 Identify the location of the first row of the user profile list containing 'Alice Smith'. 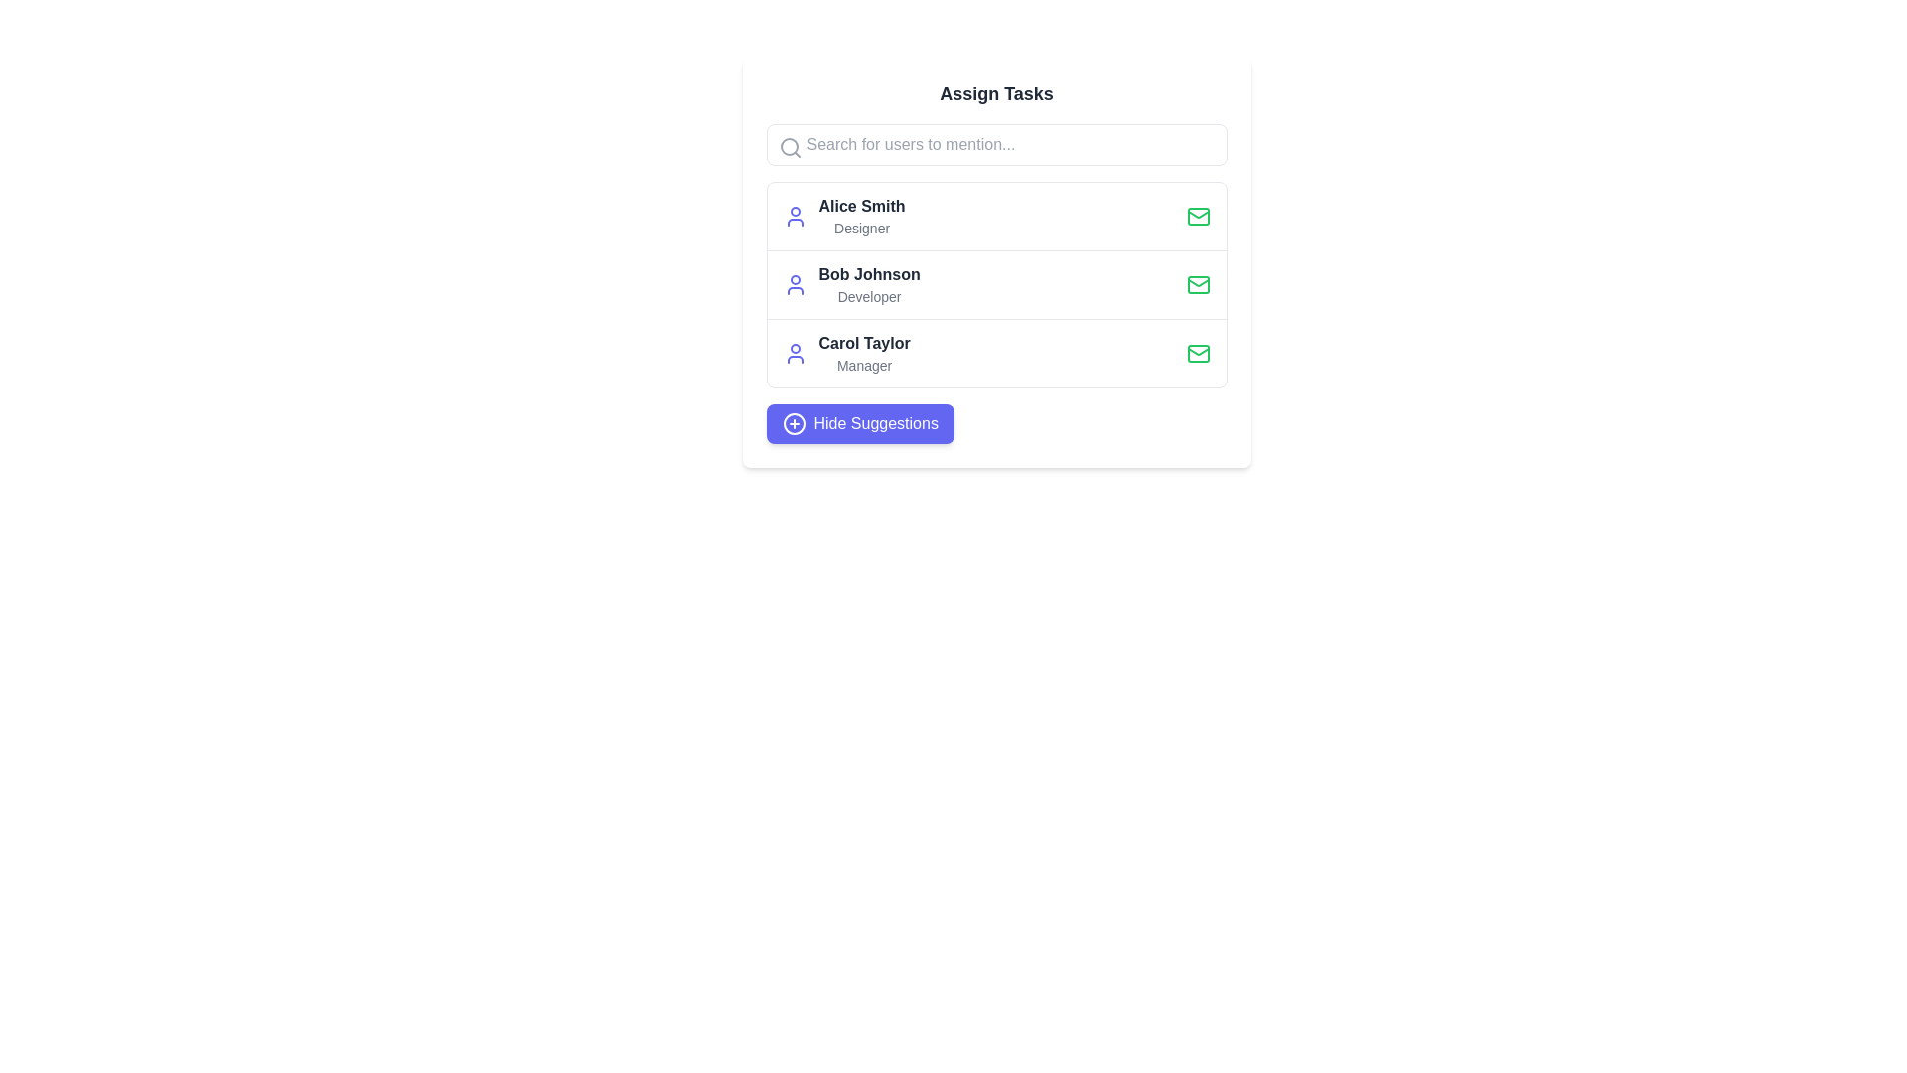
(996, 217).